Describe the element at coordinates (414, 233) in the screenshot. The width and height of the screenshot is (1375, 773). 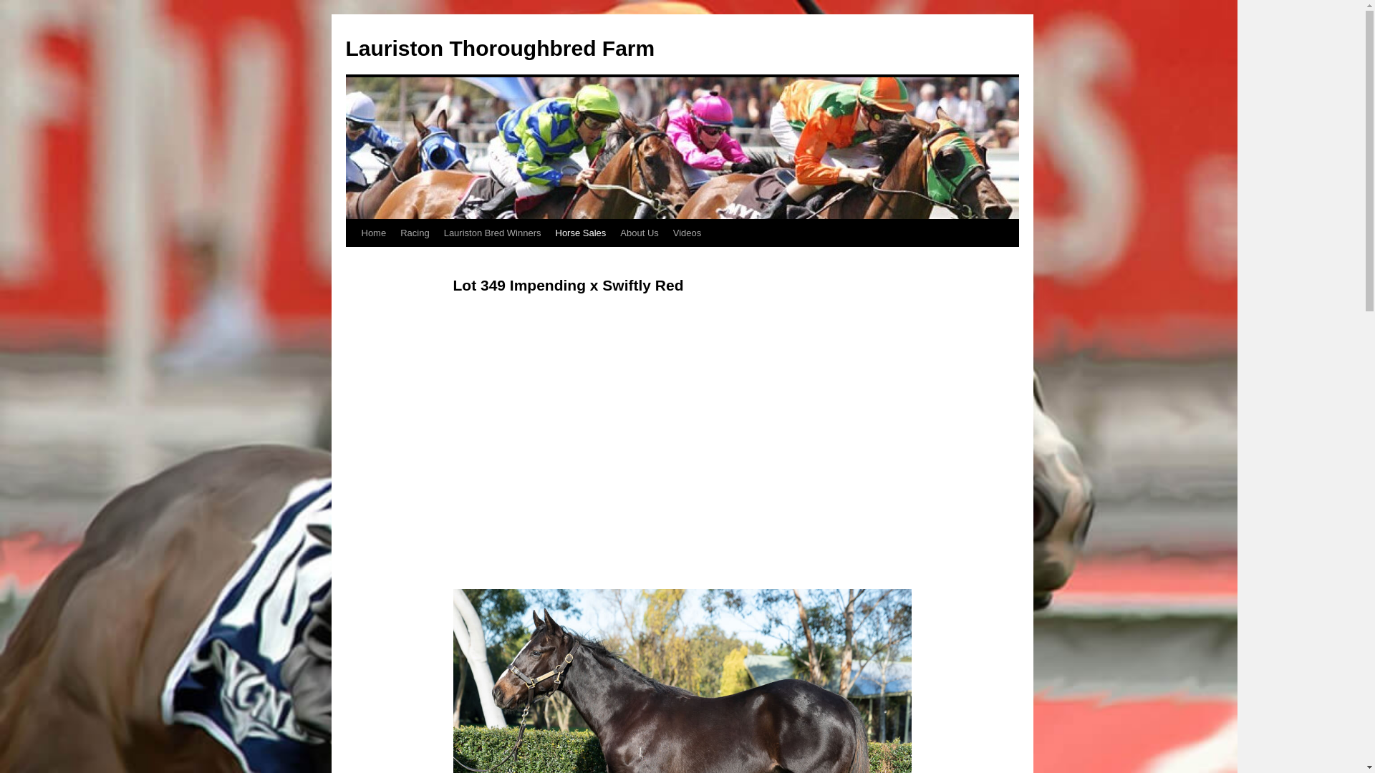
I see `'Racing'` at that location.